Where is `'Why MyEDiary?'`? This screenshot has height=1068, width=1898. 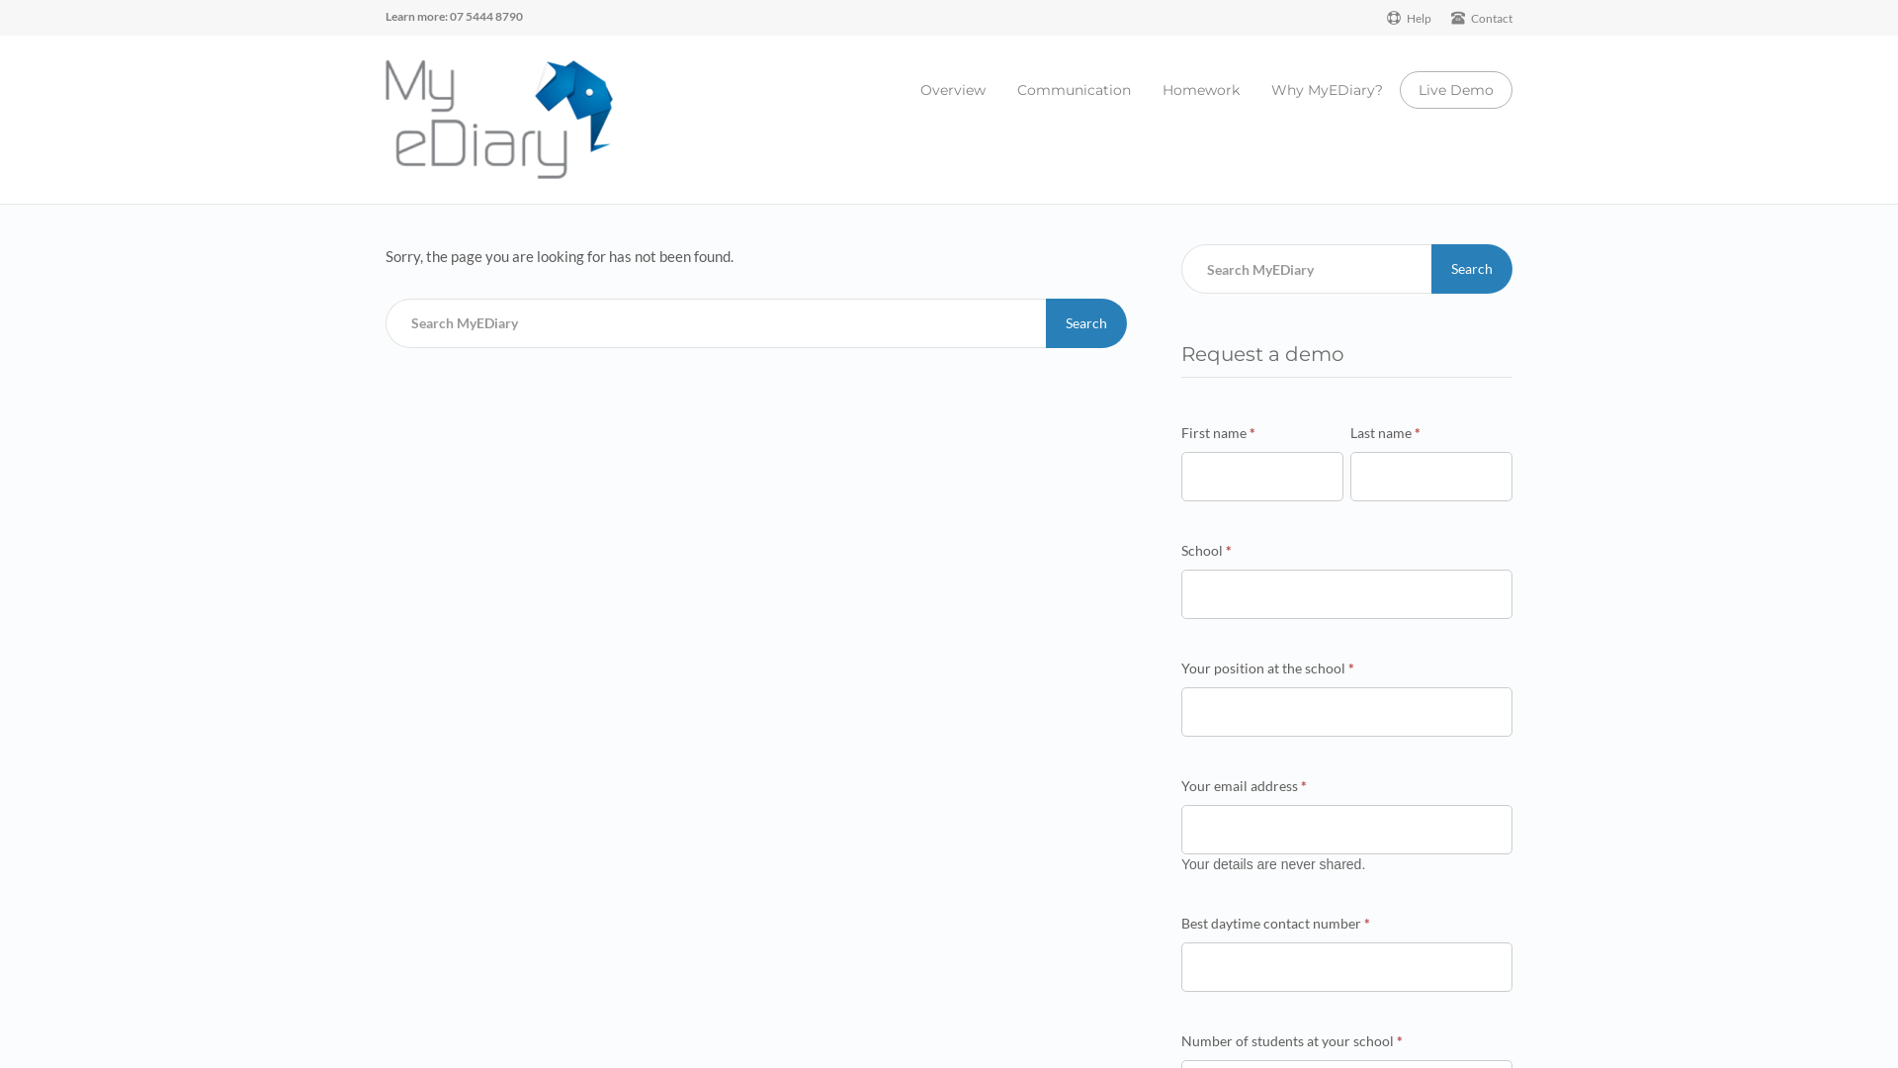
'Why MyEDiary?' is located at coordinates (1271, 90).